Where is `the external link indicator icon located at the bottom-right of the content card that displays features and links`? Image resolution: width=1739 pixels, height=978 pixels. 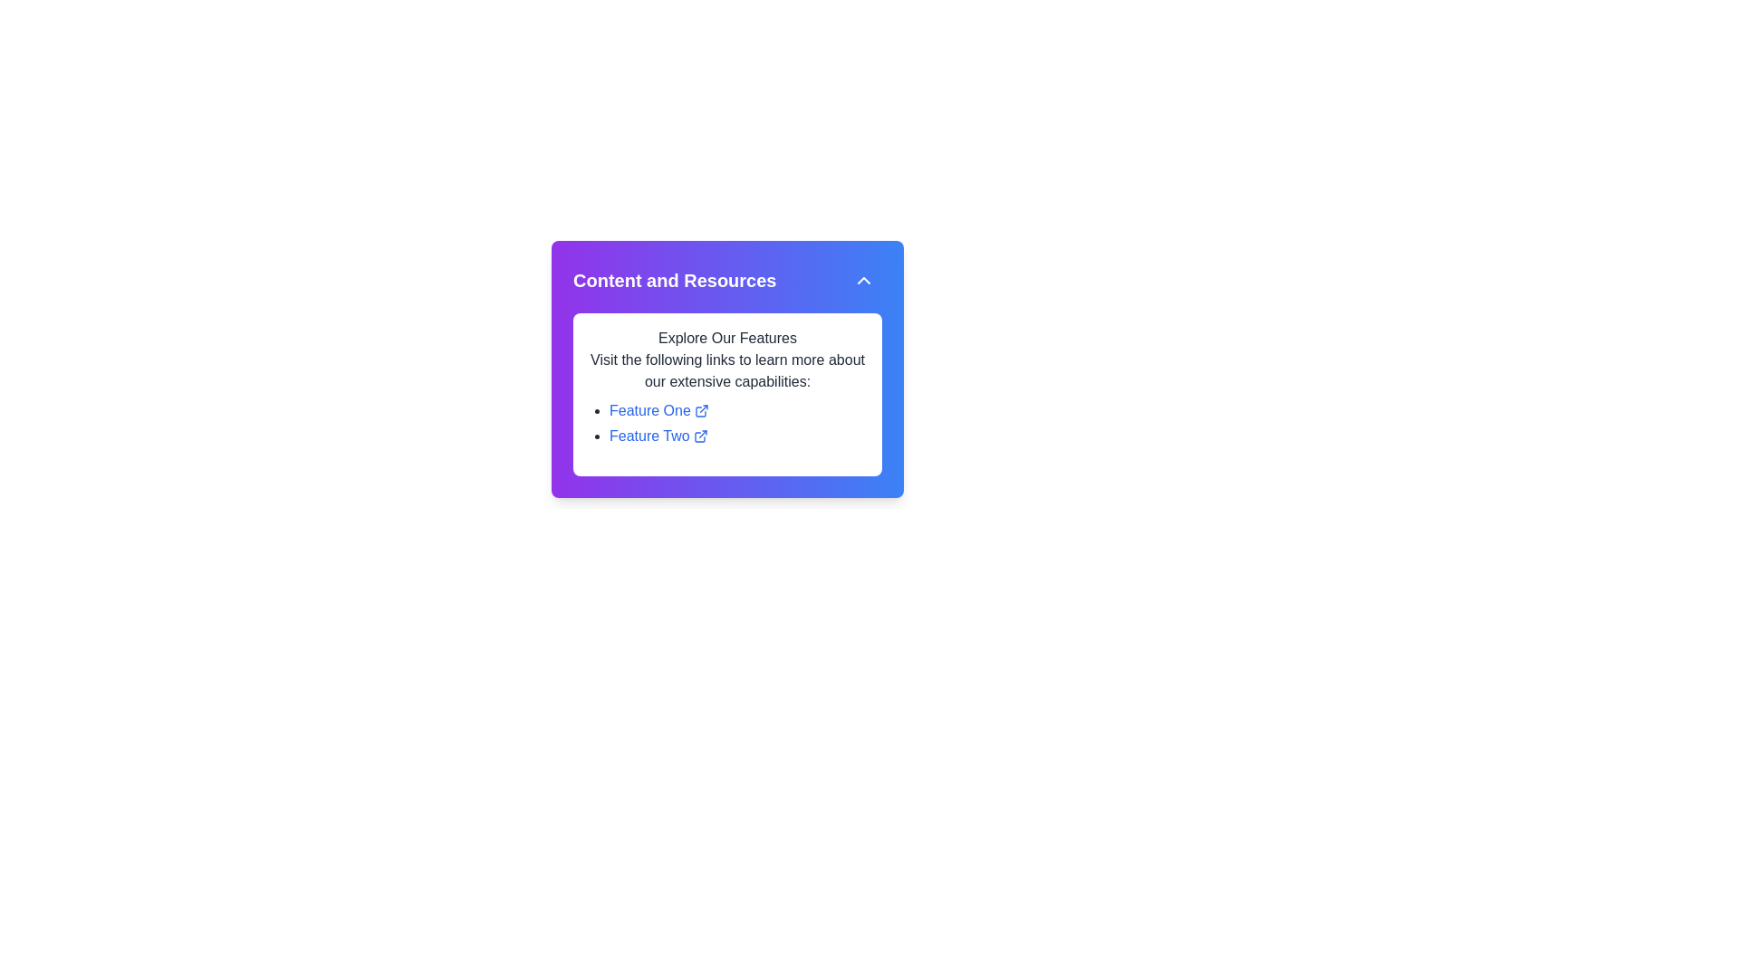 the external link indicator icon located at the bottom-right of the content card that displays features and links is located at coordinates (698, 436).